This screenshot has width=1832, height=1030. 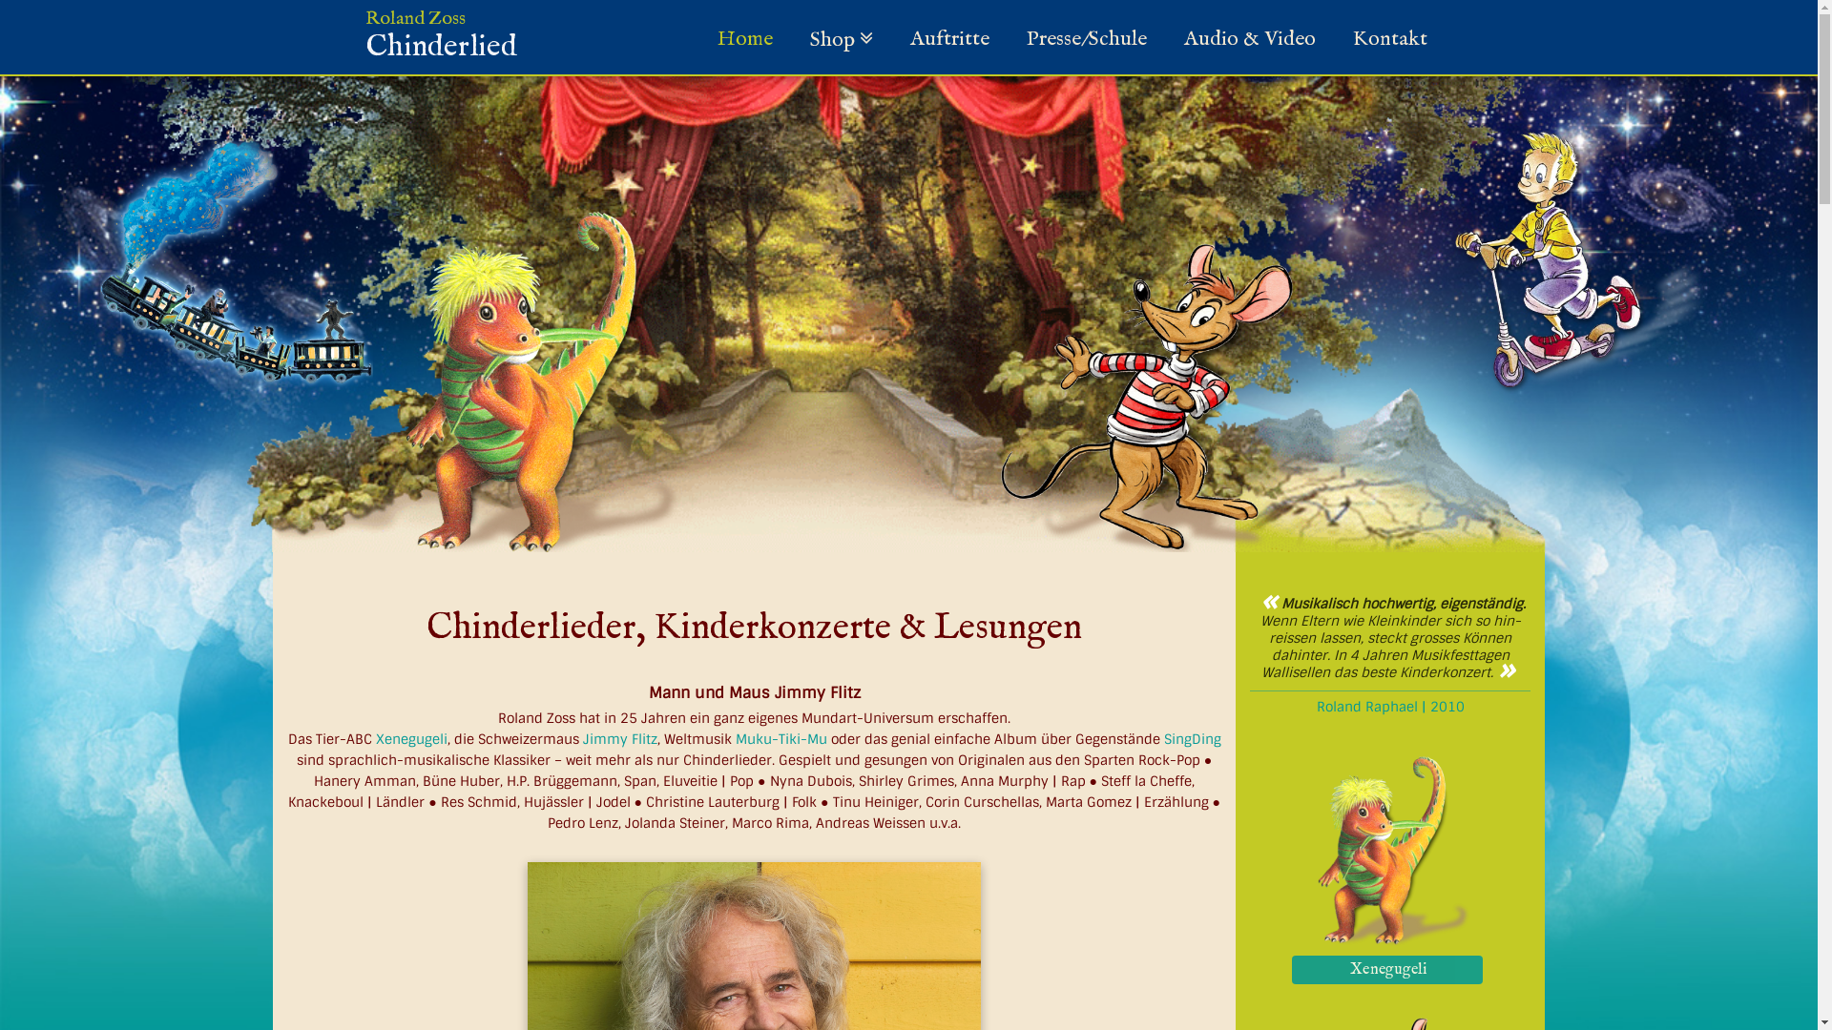 What do you see at coordinates (781, 738) in the screenshot?
I see `'Muku-Tiki-Mu'` at bounding box center [781, 738].